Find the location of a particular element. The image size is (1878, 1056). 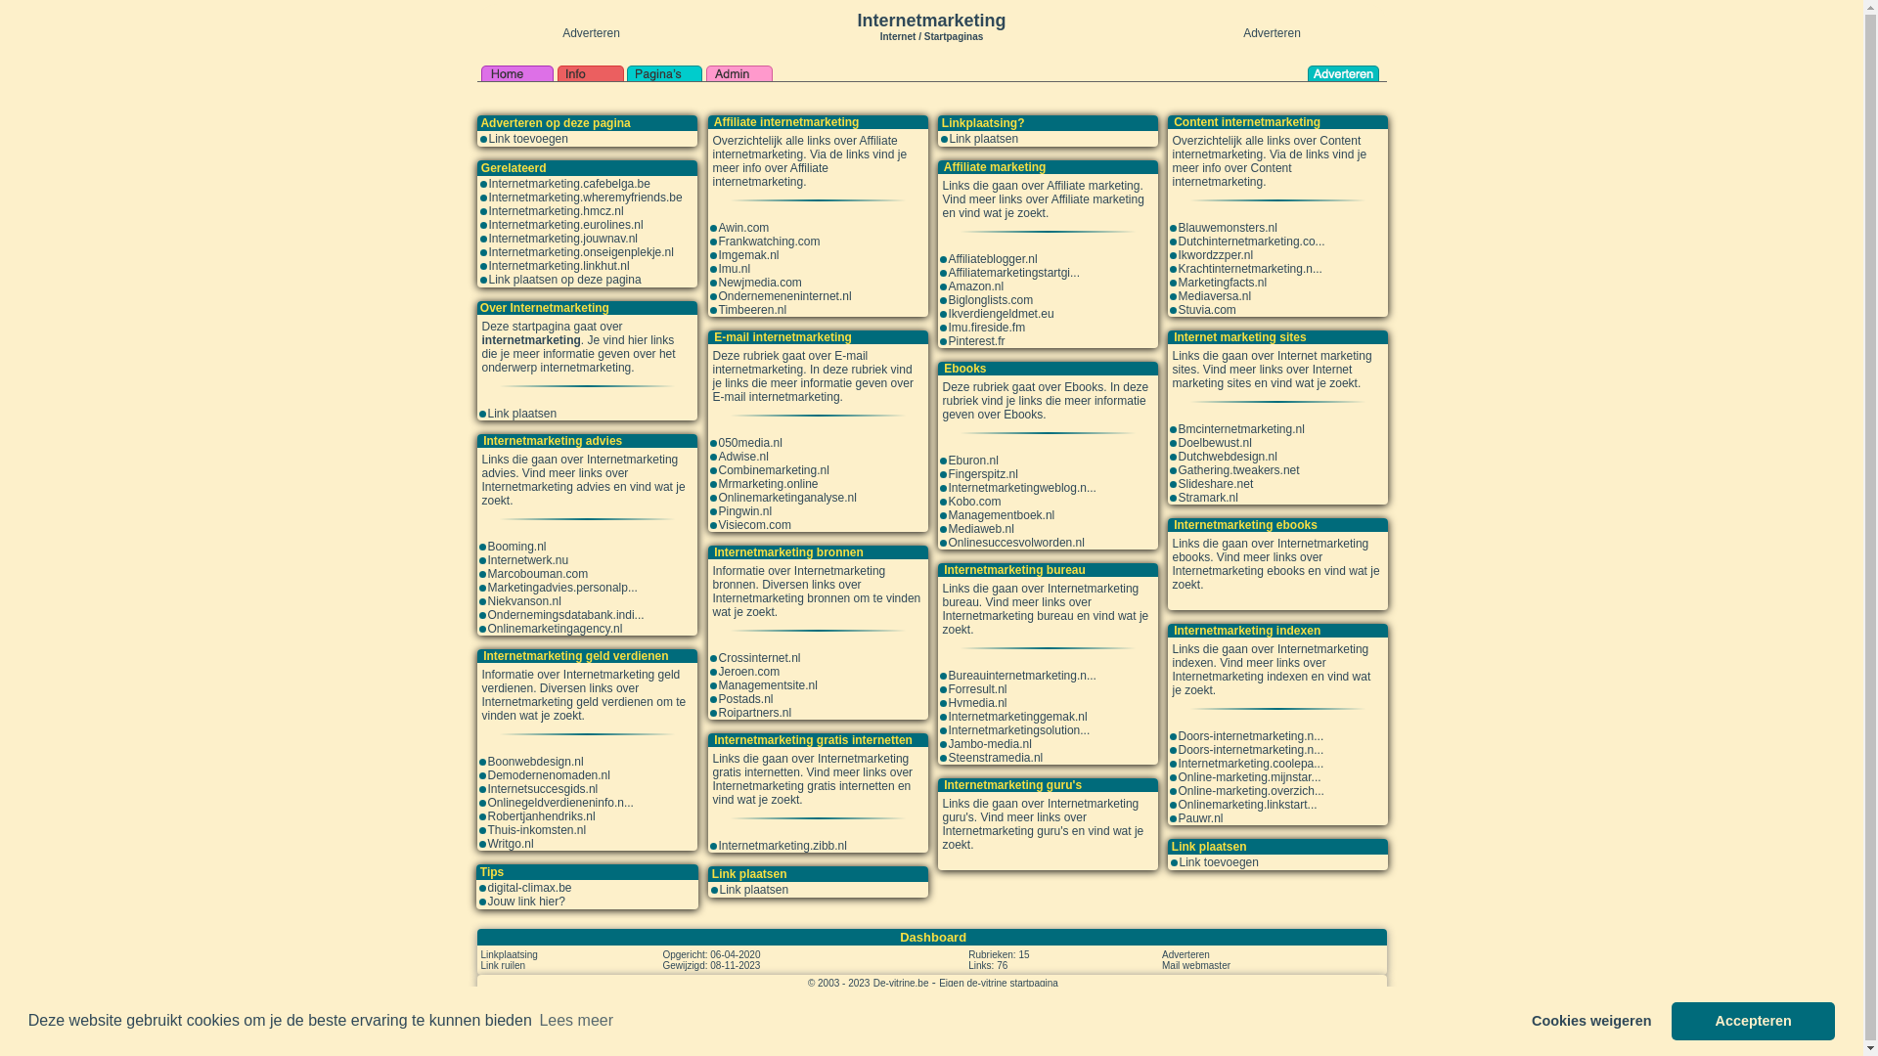

'Link plaatsen op deze pagina' is located at coordinates (563, 279).